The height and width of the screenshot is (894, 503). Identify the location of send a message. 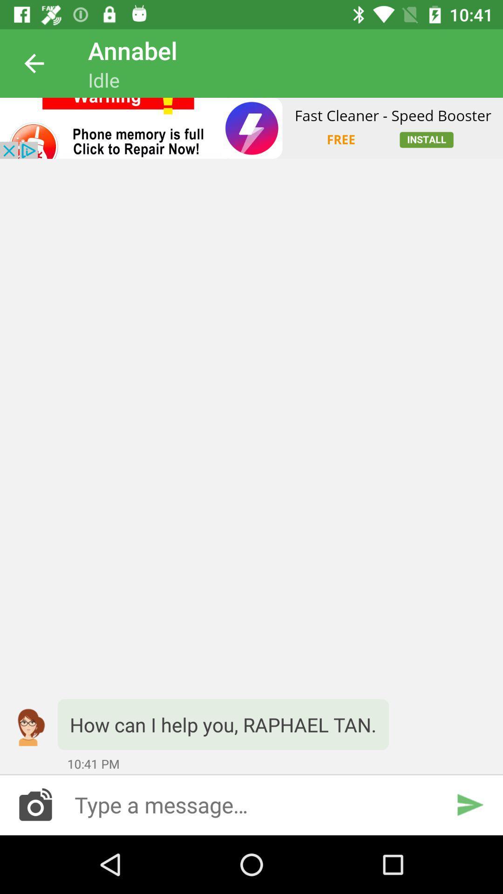
(251, 804).